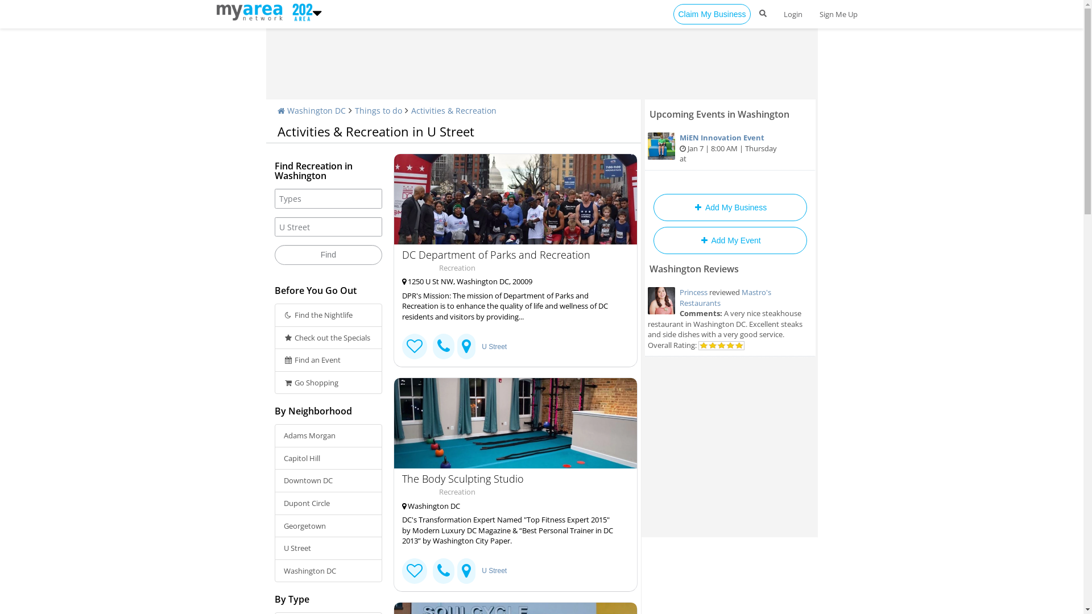 The height and width of the screenshot is (614, 1092). I want to click on 'Washington DC', so click(311, 110).